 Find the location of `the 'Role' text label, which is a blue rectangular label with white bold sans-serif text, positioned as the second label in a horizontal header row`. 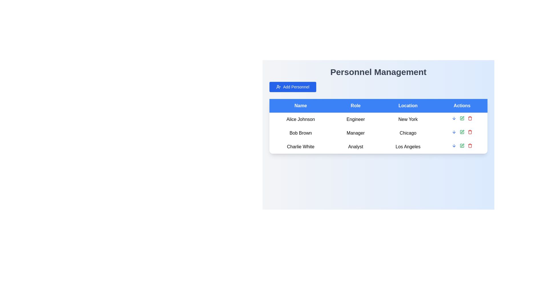

the 'Role' text label, which is a blue rectangular label with white bold sans-serif text, positioned as the second label in a horizontal header row is located at coordinates (355, 106).